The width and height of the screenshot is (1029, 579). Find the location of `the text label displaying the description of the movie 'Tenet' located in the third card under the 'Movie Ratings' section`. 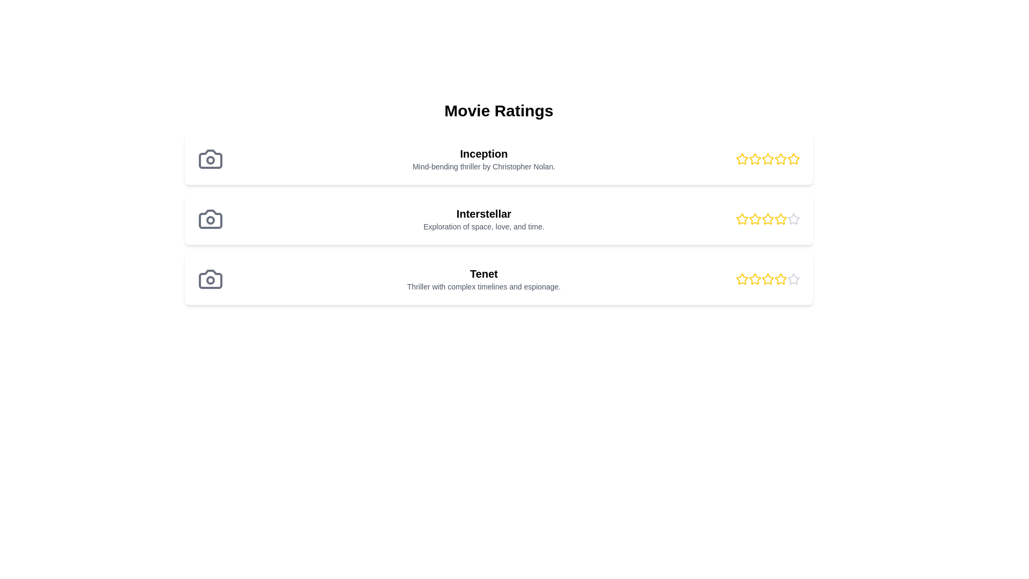

the text label displaying the description of the movie 'Tenet' located in the third card under the 'Movie Ratings' section is located at coordinates (483, 286).